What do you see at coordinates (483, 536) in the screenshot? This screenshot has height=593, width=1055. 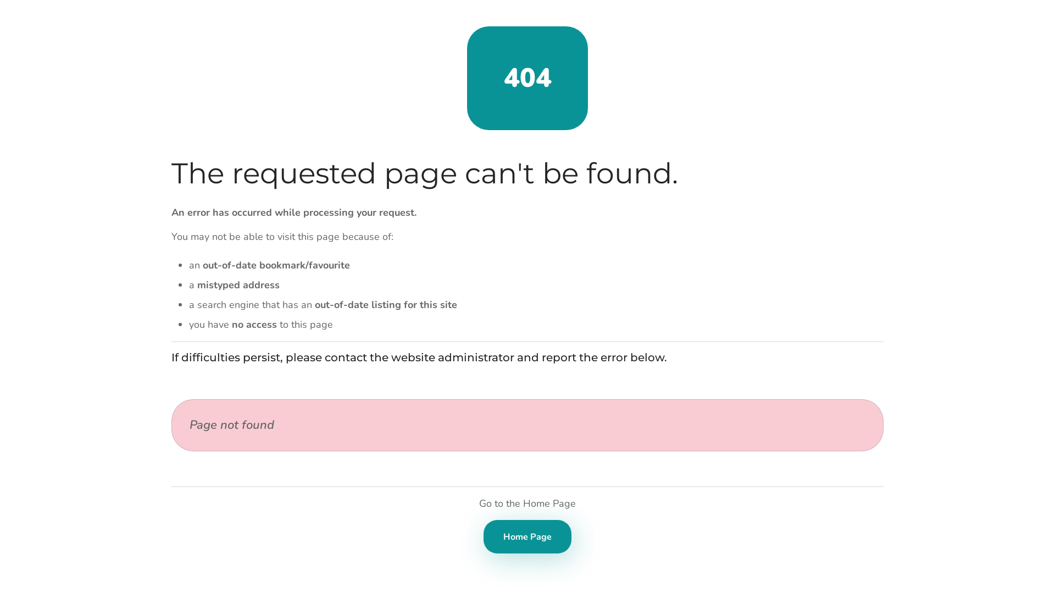 I see `'Home Page'` at bounding box center [483, 536].